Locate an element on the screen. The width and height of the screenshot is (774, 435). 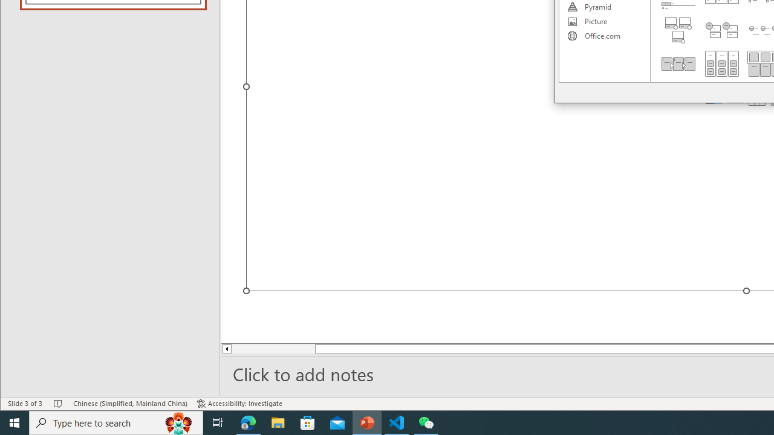
'Picture' is located at coordinates (604, 22).